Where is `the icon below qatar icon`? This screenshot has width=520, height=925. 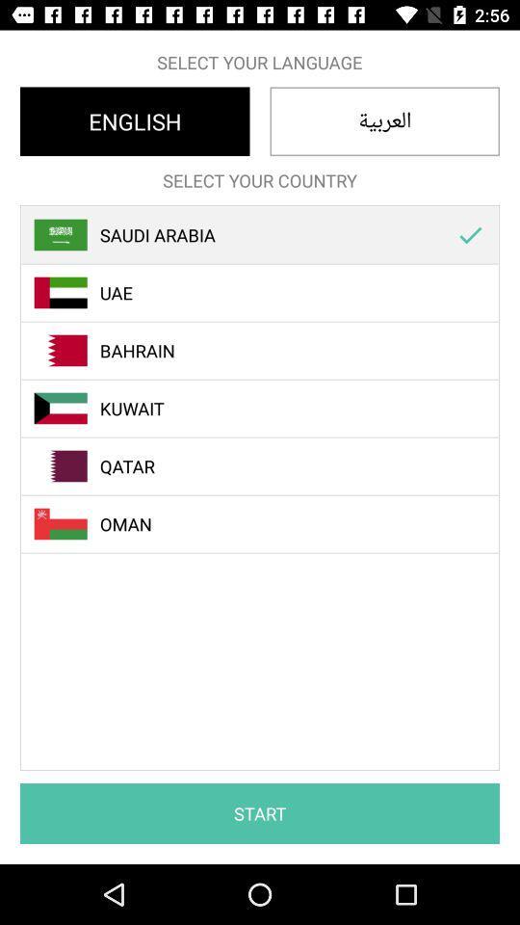 the icon below qatar icon is located at coordinates (270, 524).